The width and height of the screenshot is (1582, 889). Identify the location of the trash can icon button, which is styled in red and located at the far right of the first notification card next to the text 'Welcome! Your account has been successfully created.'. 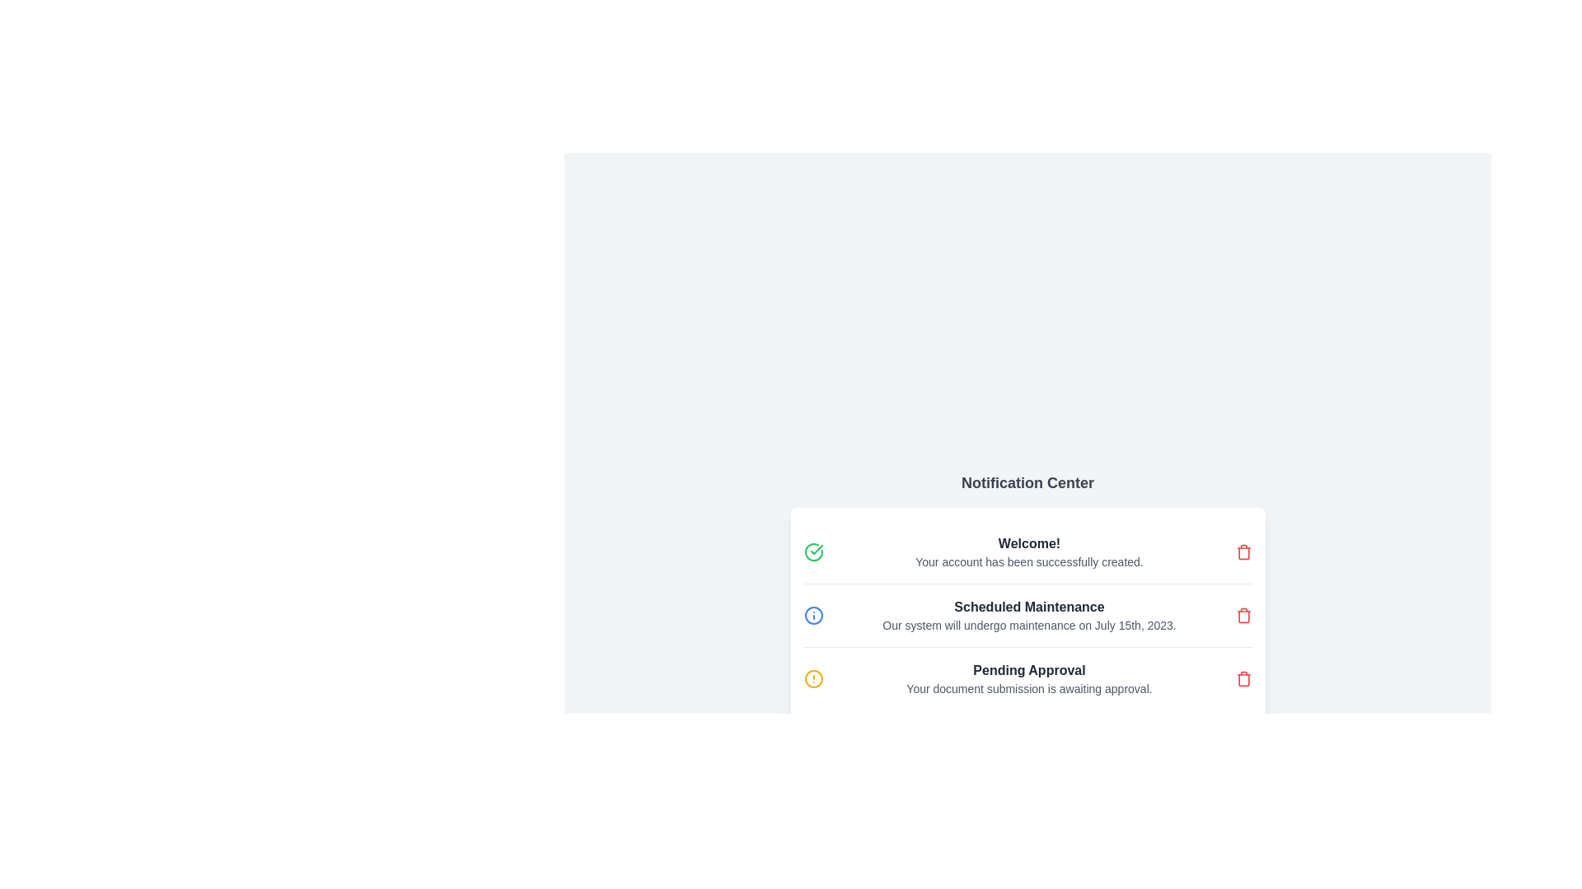
(1243, 552).